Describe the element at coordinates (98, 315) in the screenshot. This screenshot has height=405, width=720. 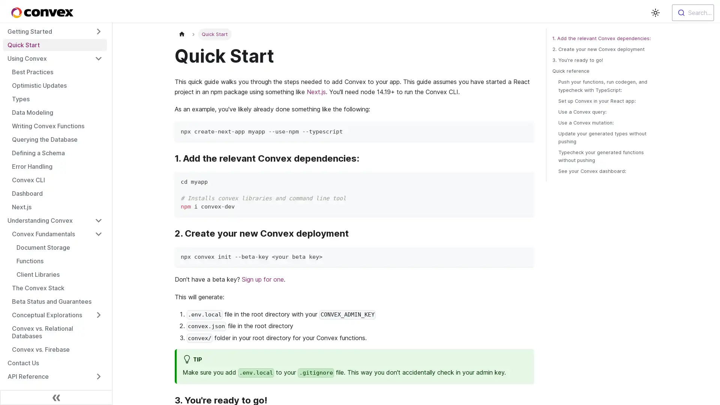
I see `Toggle the collapsible sidebar category 'Conceptual Explorations'` at that location.